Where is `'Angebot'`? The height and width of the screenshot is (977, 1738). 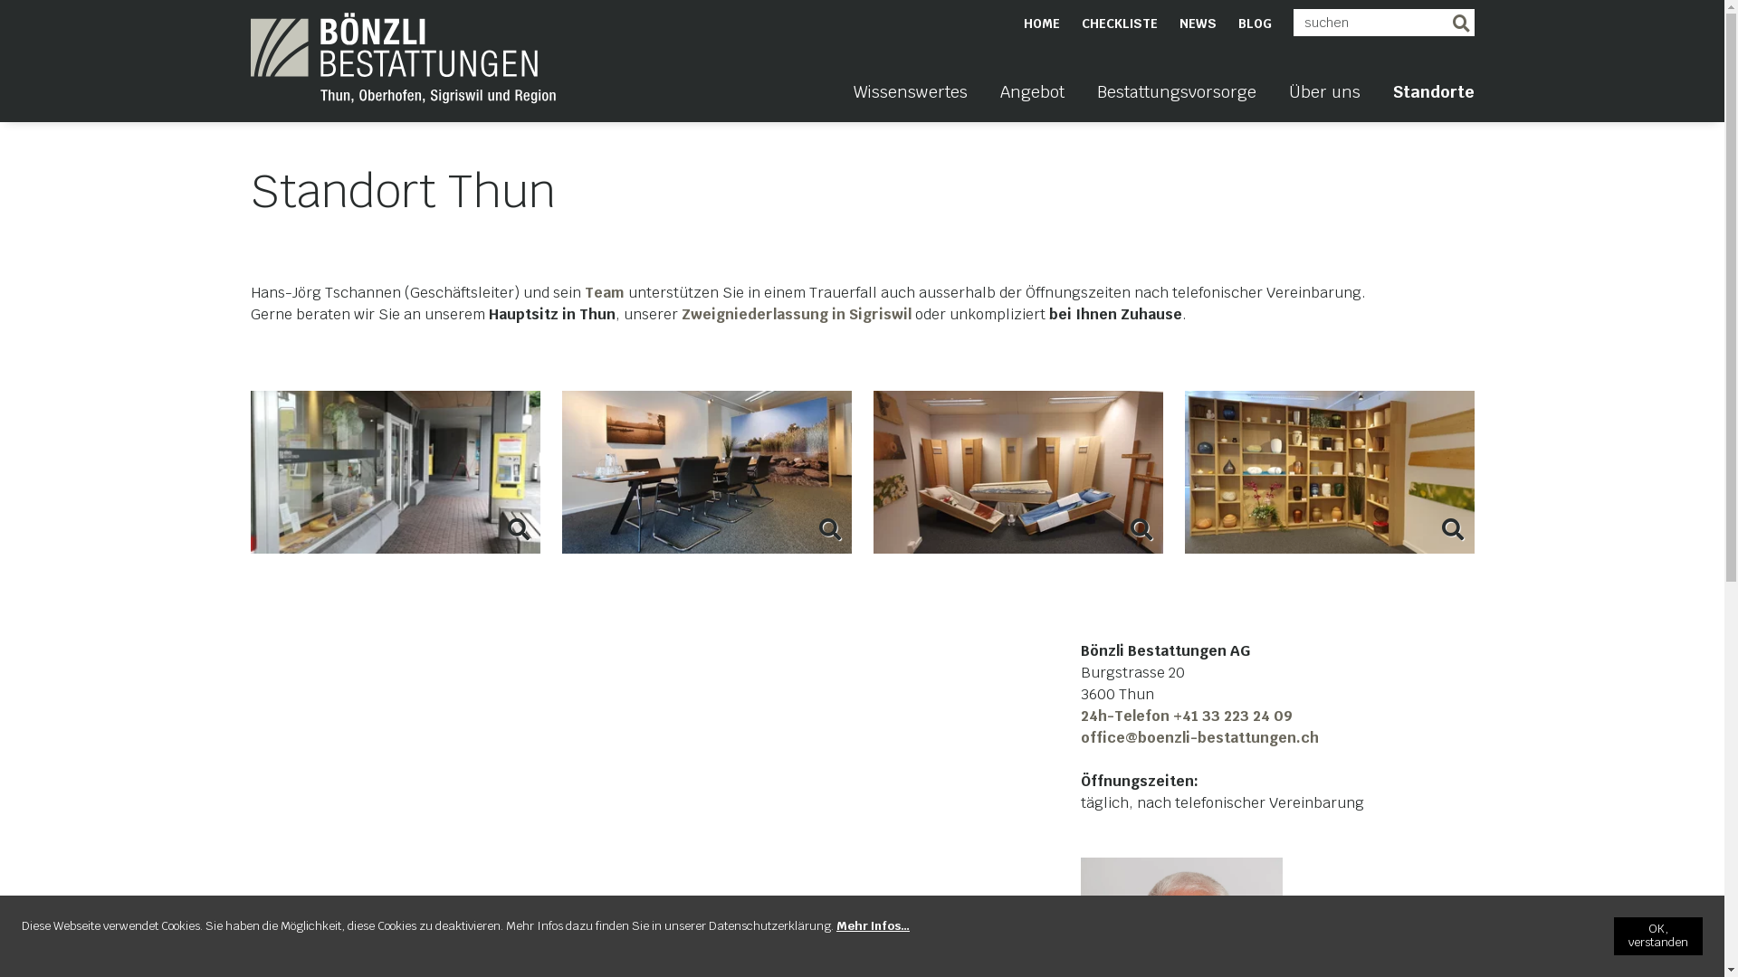
'Angebot' is located at coordinates (1031, 101).